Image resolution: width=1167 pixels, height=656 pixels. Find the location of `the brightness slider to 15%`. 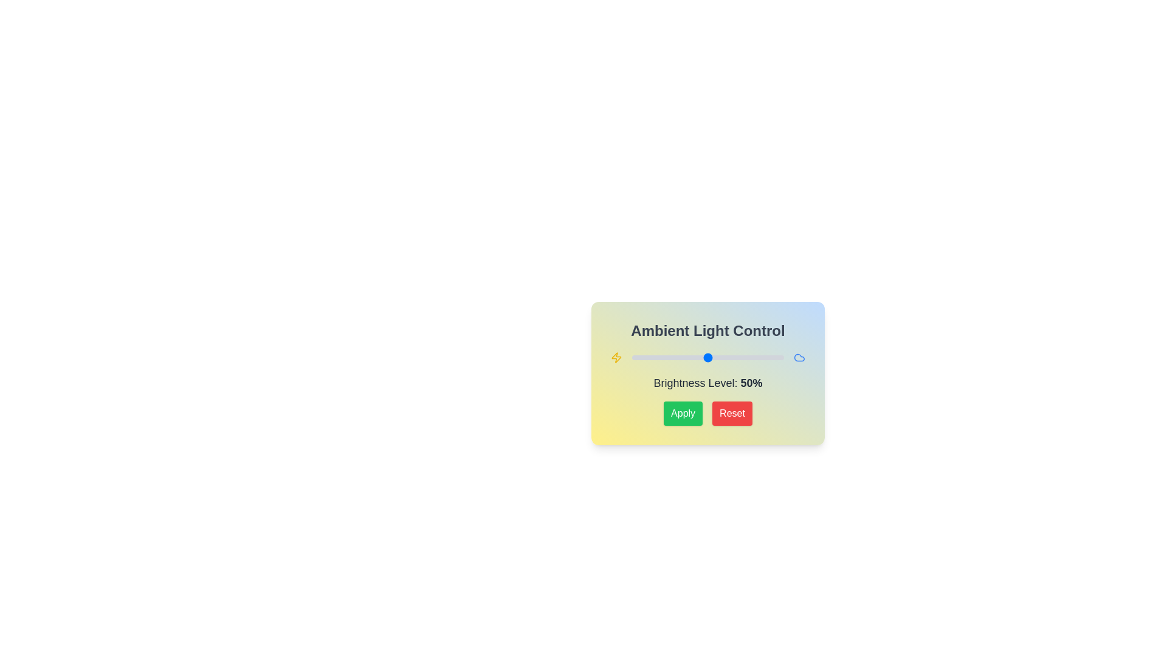

the brightness slider to 15% is located at coordinates (654, 357).